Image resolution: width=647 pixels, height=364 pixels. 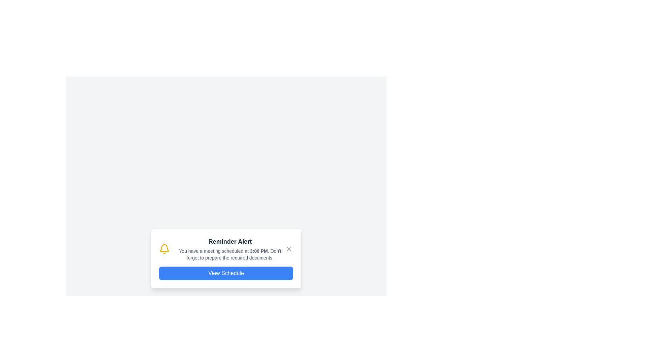 I want to click on the yellow bell icon representing notifications, which is located to the left of the 'Reminder Alert' text in the modal dialogue box, so click(x=164, y=249).